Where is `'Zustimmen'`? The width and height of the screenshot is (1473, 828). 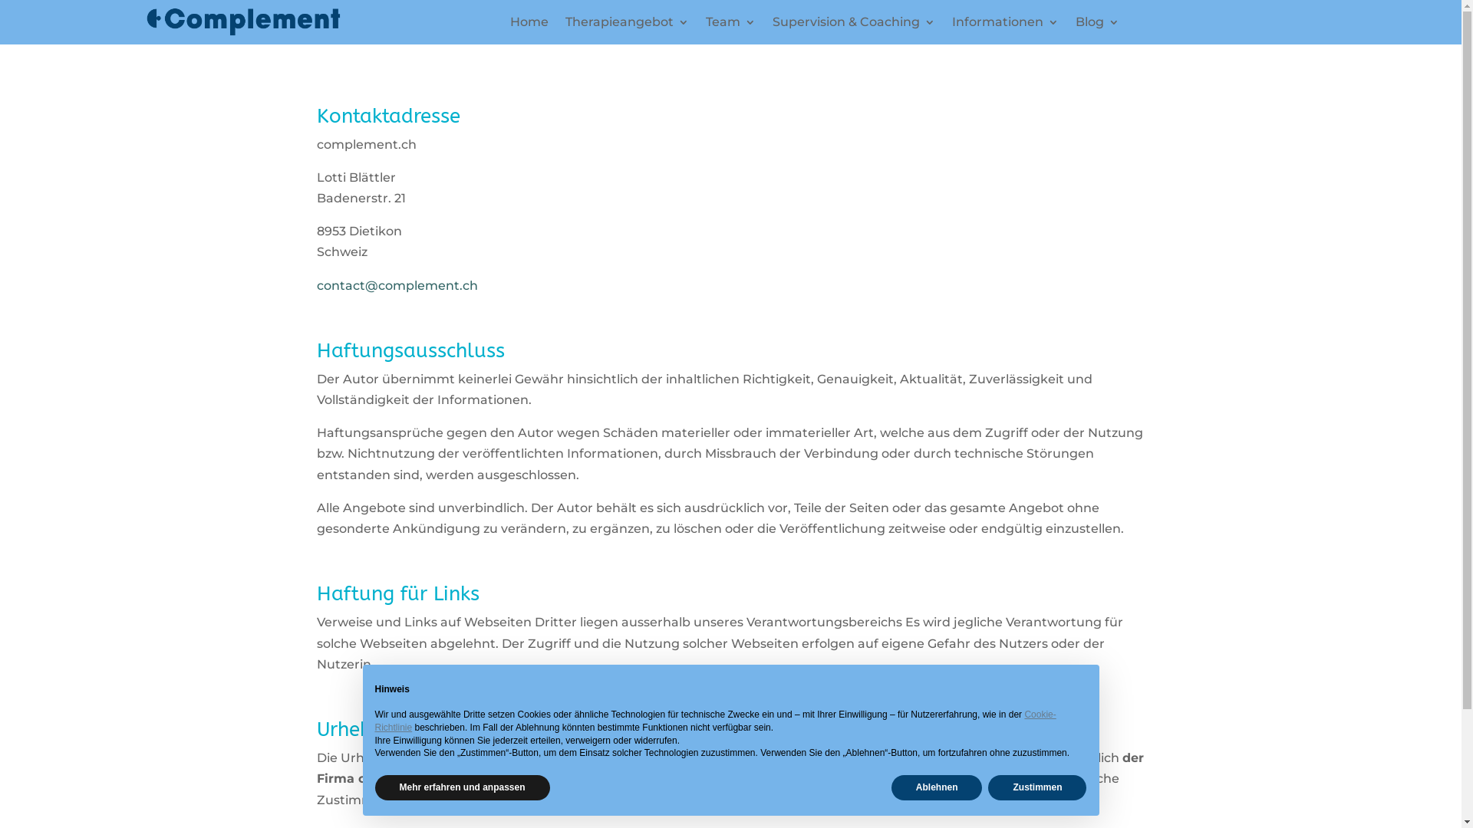 'Zustimmen' is located at coordinates (1037, 787).